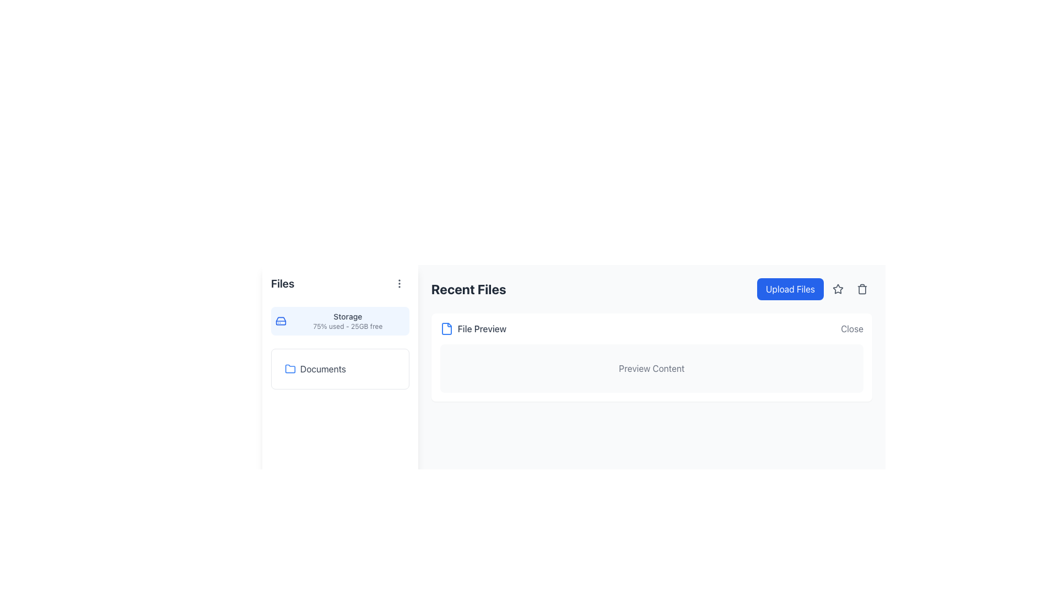 The height and width of the screenshot is (595, 1058). What do you see at coordinates (446, 328) in the screenshot?
I see `the file icon with a blue outline, located to the left of the 'File Preview' text in the 'Recent Files' section` at bounding box center [446, 328].